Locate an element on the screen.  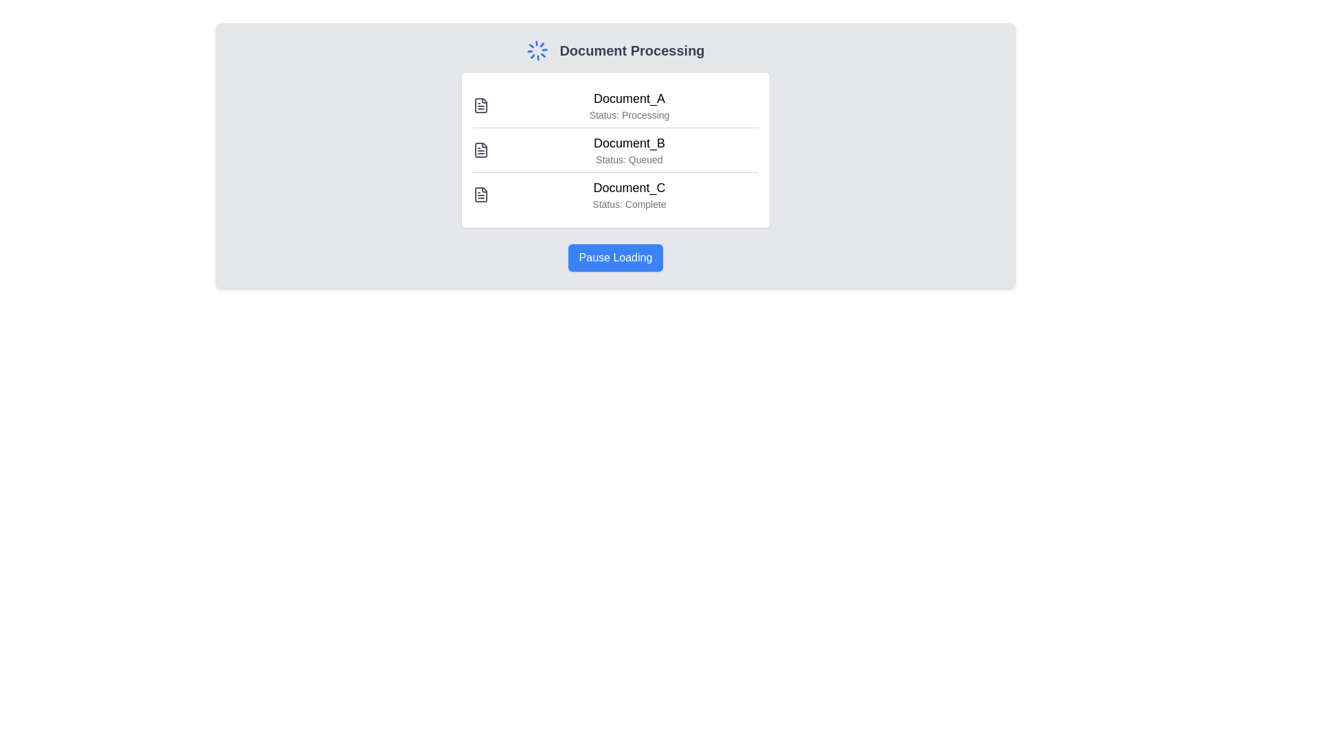
the informational text block with the title 'Document_C' and subtitle 'Status: Complete', which is the third entry in a vertically stacked list of similar elements is located at coordinates (615, 194).